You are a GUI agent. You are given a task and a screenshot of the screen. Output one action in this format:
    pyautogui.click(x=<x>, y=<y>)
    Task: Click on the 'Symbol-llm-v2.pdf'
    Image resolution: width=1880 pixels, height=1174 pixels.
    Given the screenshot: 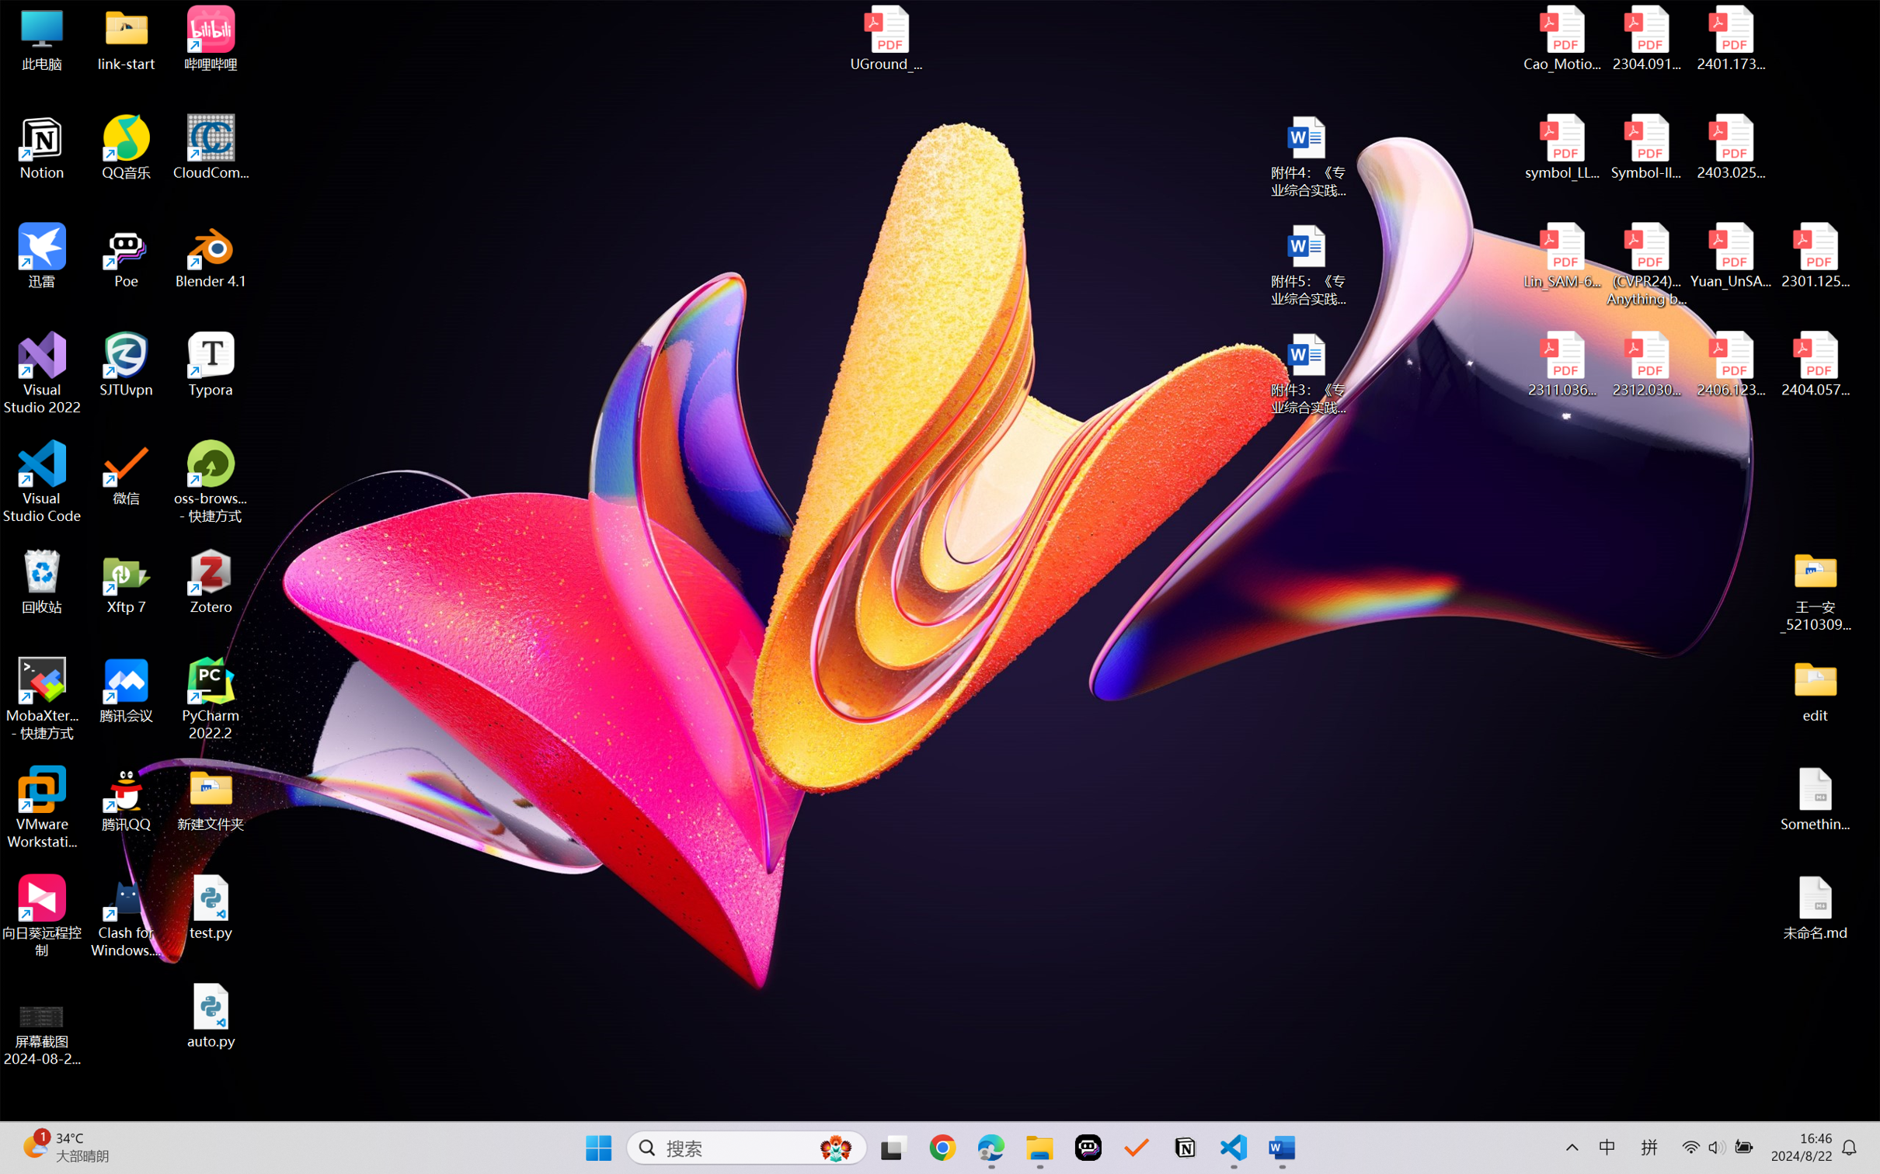 What is the action you would take?
    pyautogui.click(x=1645, y=148)
    